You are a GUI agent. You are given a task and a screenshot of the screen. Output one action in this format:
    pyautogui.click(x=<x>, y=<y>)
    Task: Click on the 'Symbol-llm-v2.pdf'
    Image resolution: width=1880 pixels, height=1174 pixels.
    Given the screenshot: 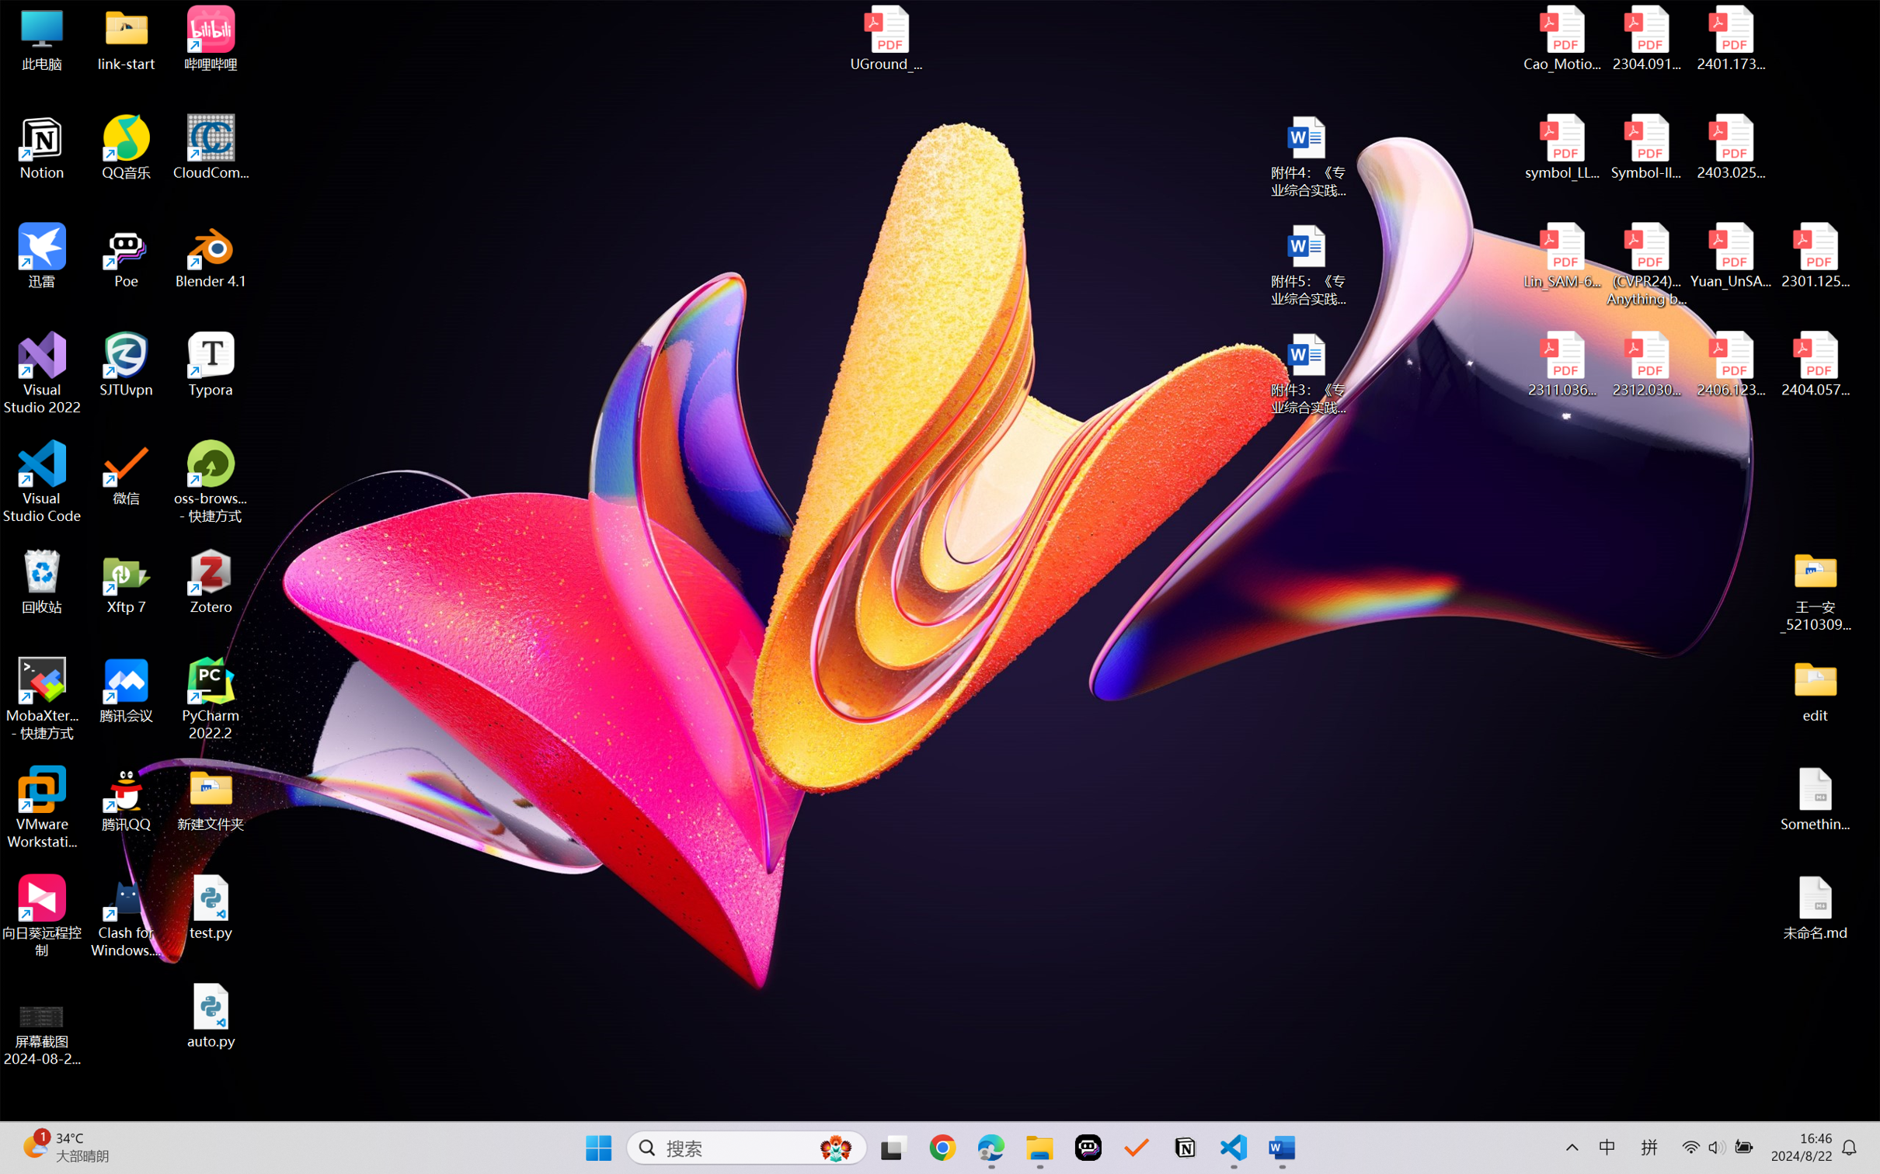 What is the action you would take?
    pyautogui.click(x=1645, y=148)
    